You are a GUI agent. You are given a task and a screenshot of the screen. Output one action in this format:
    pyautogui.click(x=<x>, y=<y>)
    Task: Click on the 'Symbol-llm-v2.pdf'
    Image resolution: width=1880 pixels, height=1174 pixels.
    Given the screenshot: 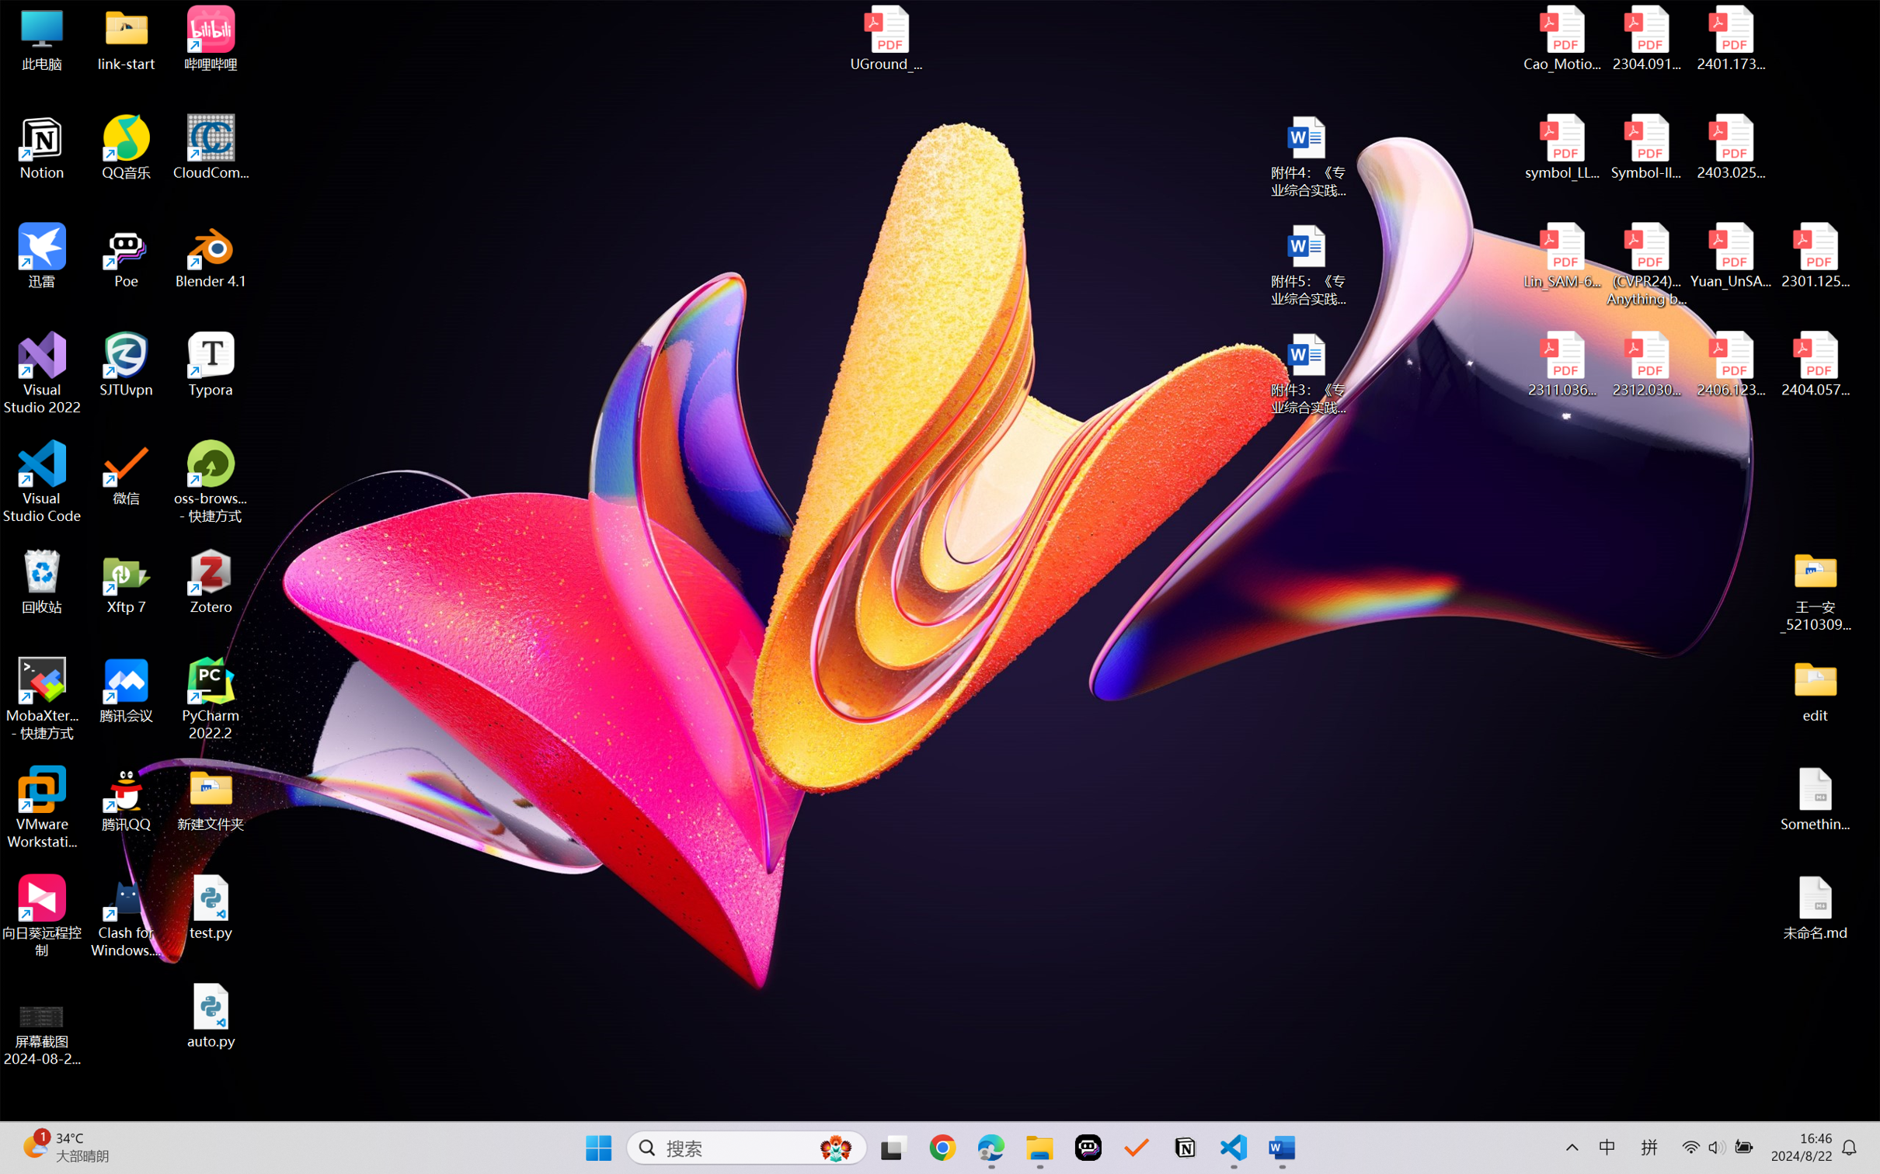 What is the action you would take?
    pyautogui.click(x=1645, y=148)
    